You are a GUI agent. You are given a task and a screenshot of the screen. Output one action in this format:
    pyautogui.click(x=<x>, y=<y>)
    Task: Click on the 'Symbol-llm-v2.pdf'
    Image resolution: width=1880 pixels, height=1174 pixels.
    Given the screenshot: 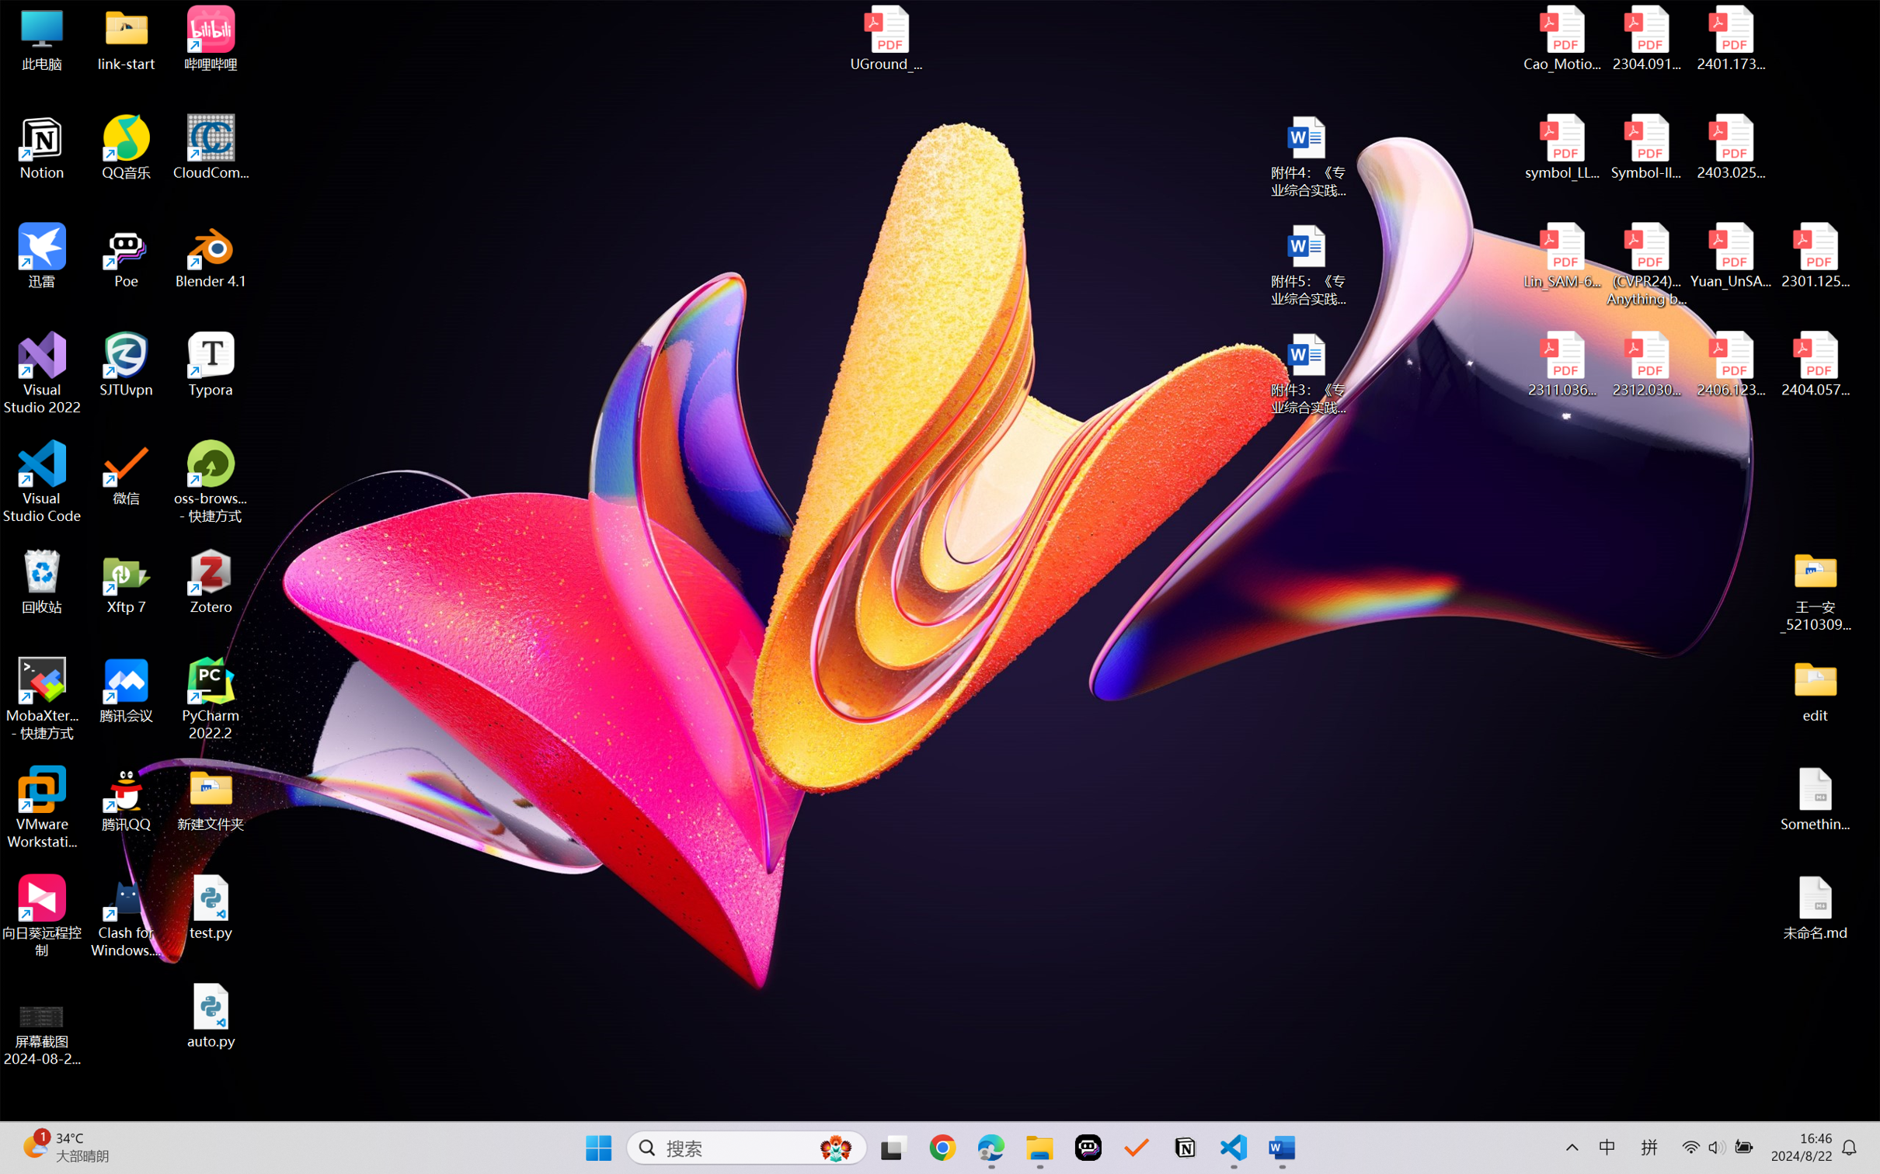 What is the action you would take?
    pyautogui.click(x=1645, y=148)
    